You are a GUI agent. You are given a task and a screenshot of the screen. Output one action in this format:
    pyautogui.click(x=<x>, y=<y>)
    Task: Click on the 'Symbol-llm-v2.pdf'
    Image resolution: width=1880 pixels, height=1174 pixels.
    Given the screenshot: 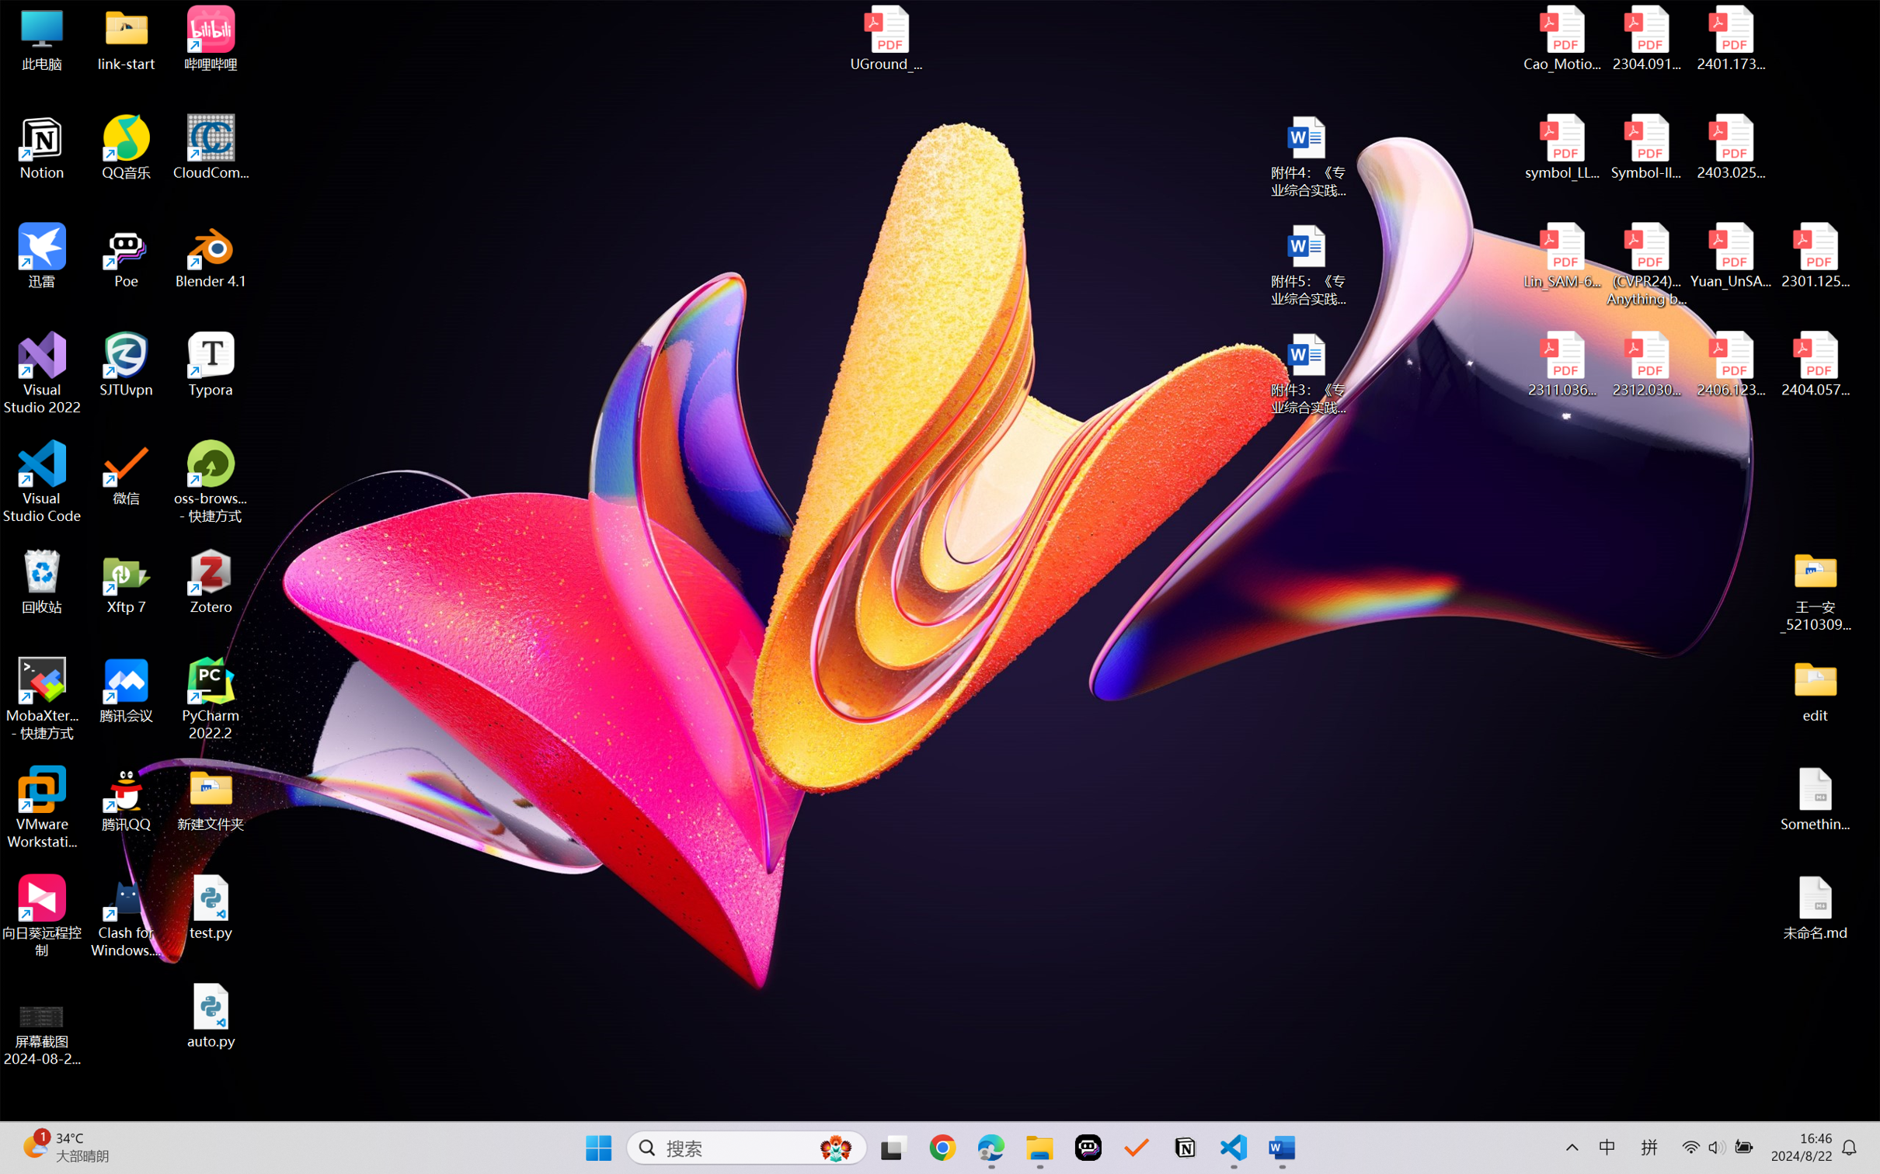 What is the action you would take?
    pyautogui.click(x=1645, y=148)
    